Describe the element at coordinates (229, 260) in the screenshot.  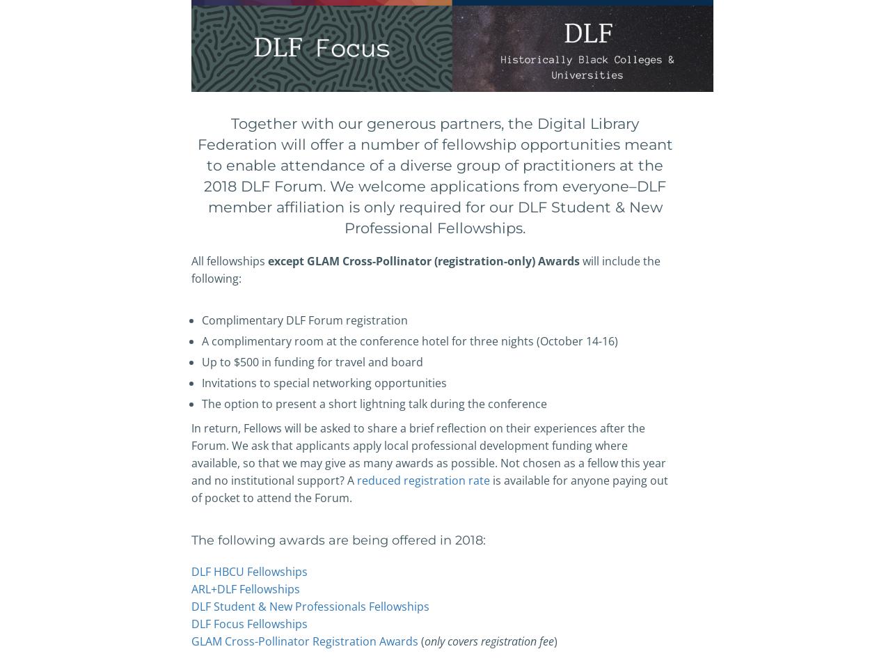
I see `'All fellowships'` at that location.